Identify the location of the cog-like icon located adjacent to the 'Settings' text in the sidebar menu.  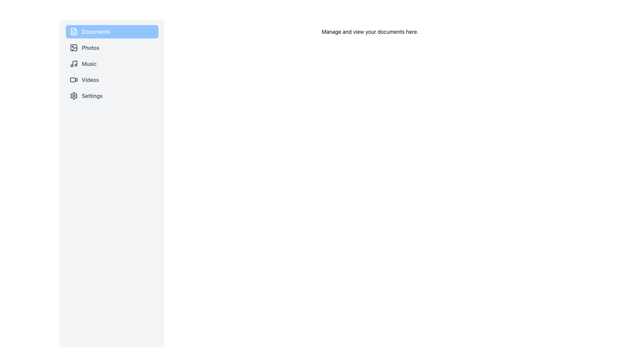
(74, 96).